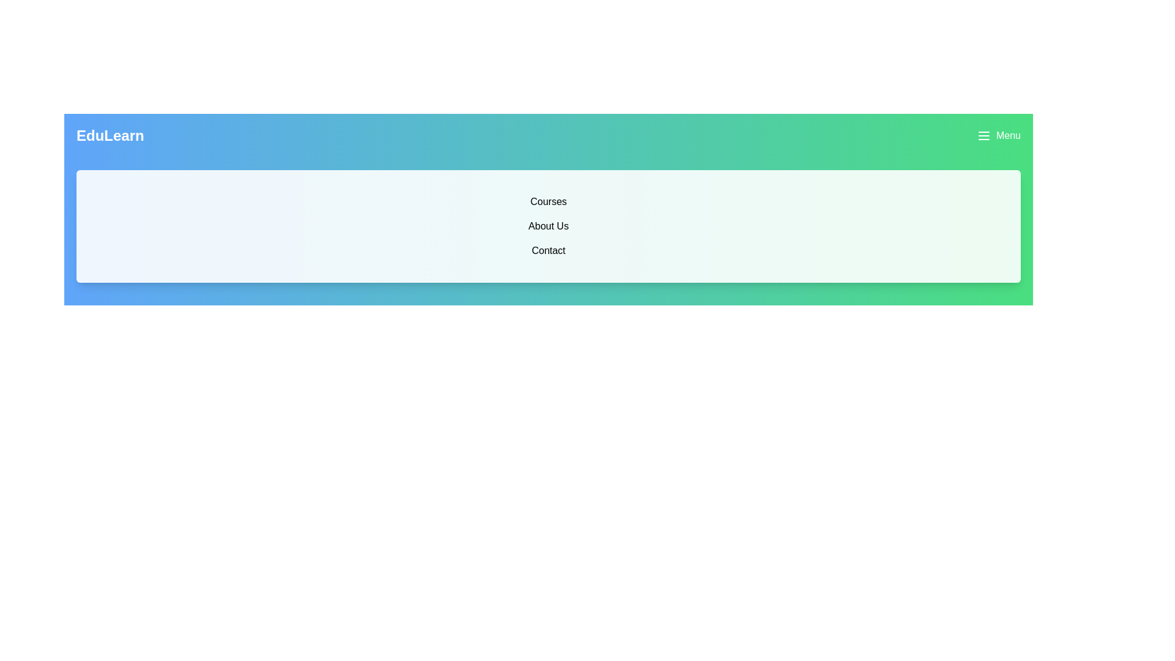  What do you see at coordinates (548, 226) in the screenshot?
I see `the 'About Us' static text label` at bounding box center [548, 226].